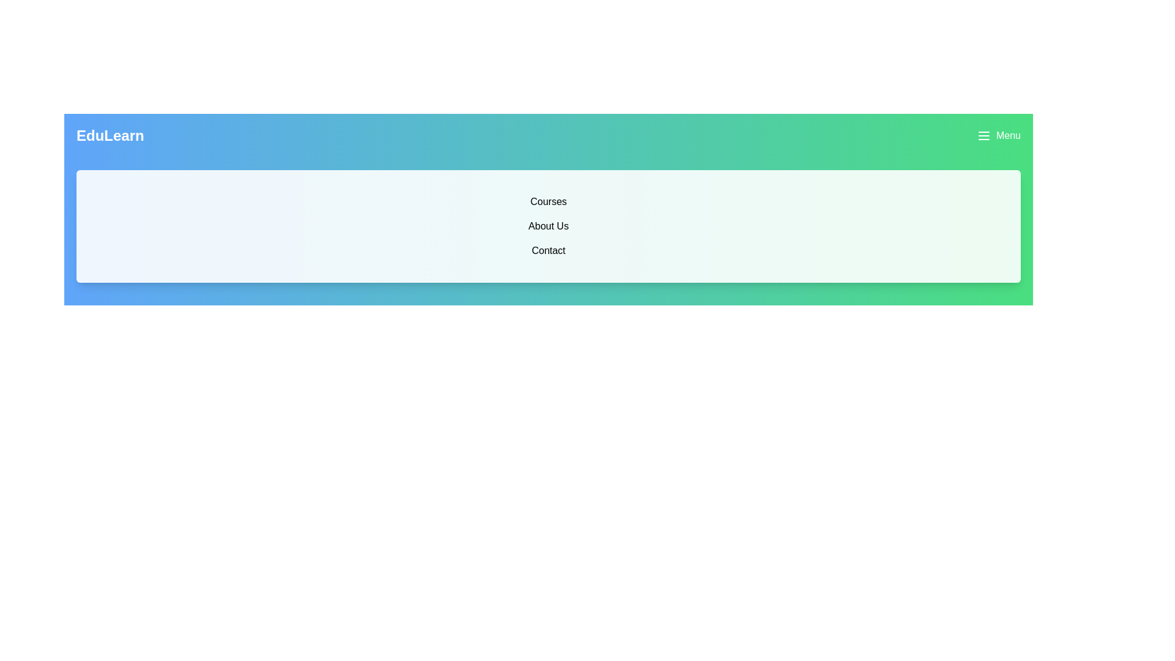  What do you see at coordinates (548, 226) in the screenshot?
I see `the 'About Us' static text label` at bounding box center [548, 226].